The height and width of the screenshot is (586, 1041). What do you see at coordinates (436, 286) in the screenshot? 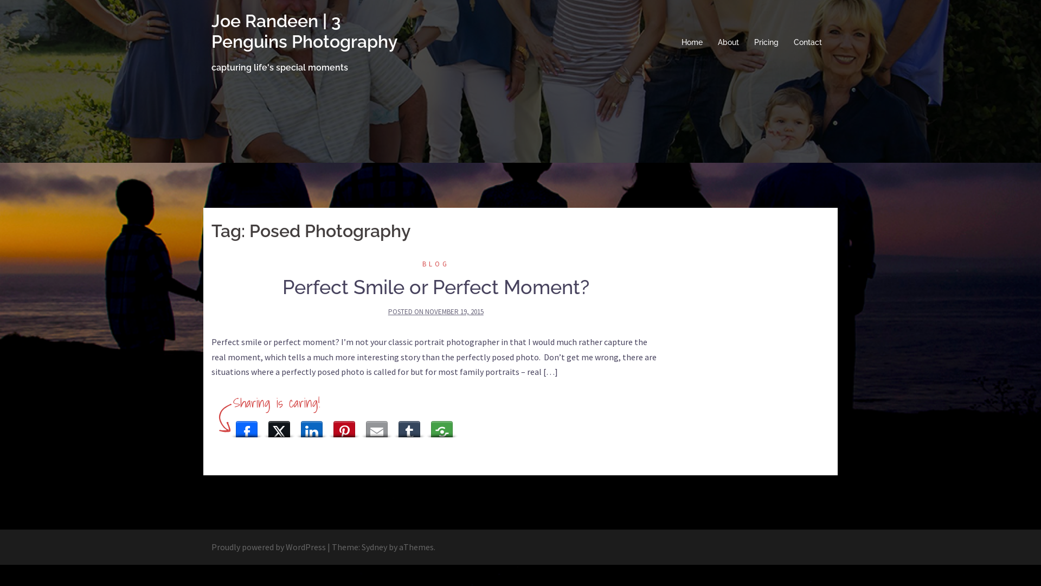
I see `'Perfect Smile or Perfect Moment?'` at bounding box center [436, 286].